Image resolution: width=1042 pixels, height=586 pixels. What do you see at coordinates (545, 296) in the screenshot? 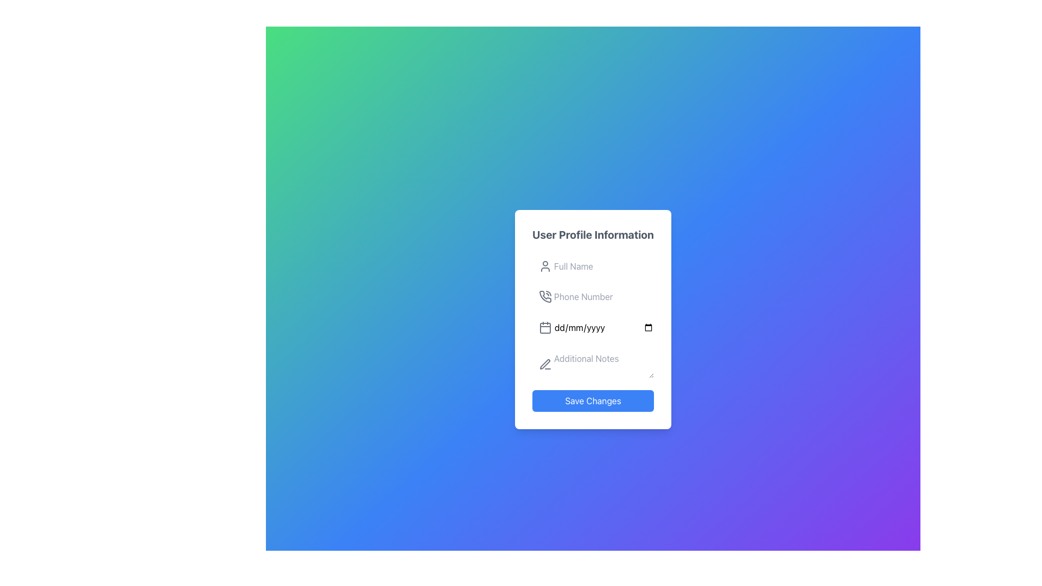
I see `the curved line representing a phone receiver in the phone call icon, which is styled in gray and located near the top-left corner of the user profile form, adjacent to the 'Phone Number' label` at bounding box center [545, 296].